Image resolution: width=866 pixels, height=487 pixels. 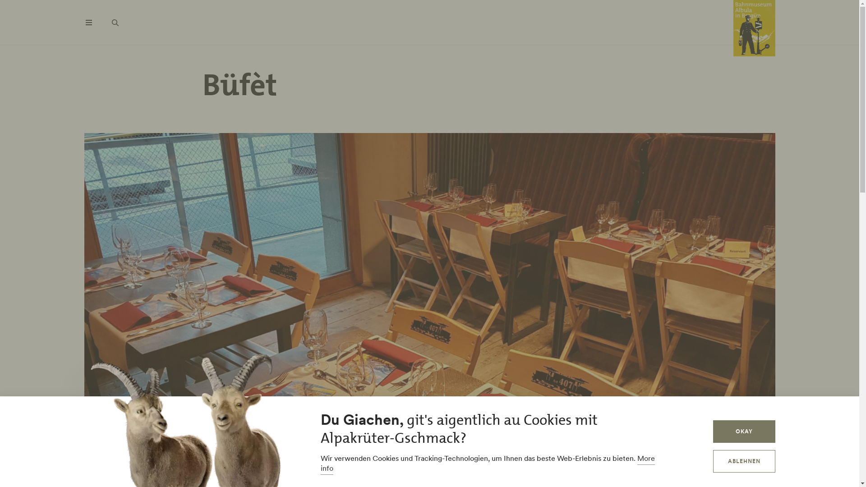 What do you see at coordinates (754, 28) in the screenshot?
I see `'Home'` at bounding box center [754, 28].